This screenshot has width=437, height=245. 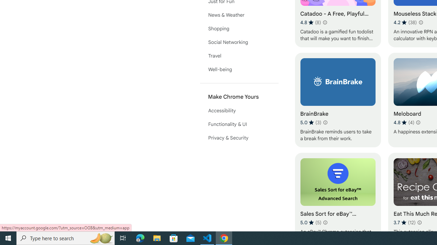 What do you see at coordinates (310, 122) in the screenshot?
I see `'Average rating 5 out of 5 stars. 3 ratings.'` at bounding box center [310, 122].